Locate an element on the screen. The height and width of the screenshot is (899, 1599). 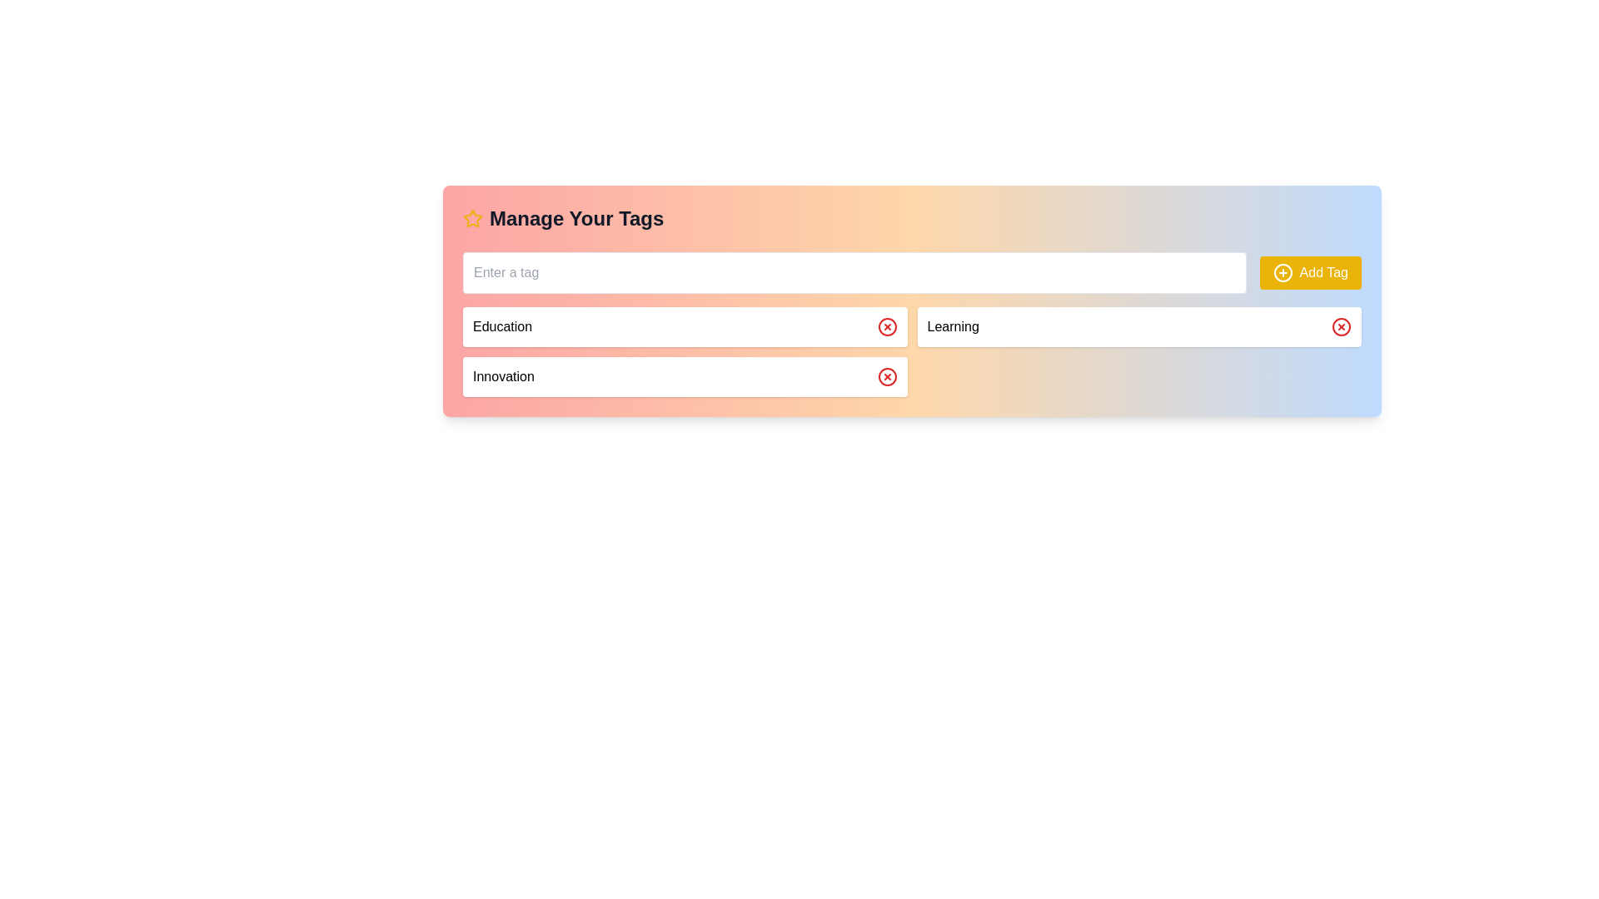
the circular boundary of the plus icon within the yellow 'Add Tag' button, which signifies adding a new tag is located at coordinates (1282, 271).